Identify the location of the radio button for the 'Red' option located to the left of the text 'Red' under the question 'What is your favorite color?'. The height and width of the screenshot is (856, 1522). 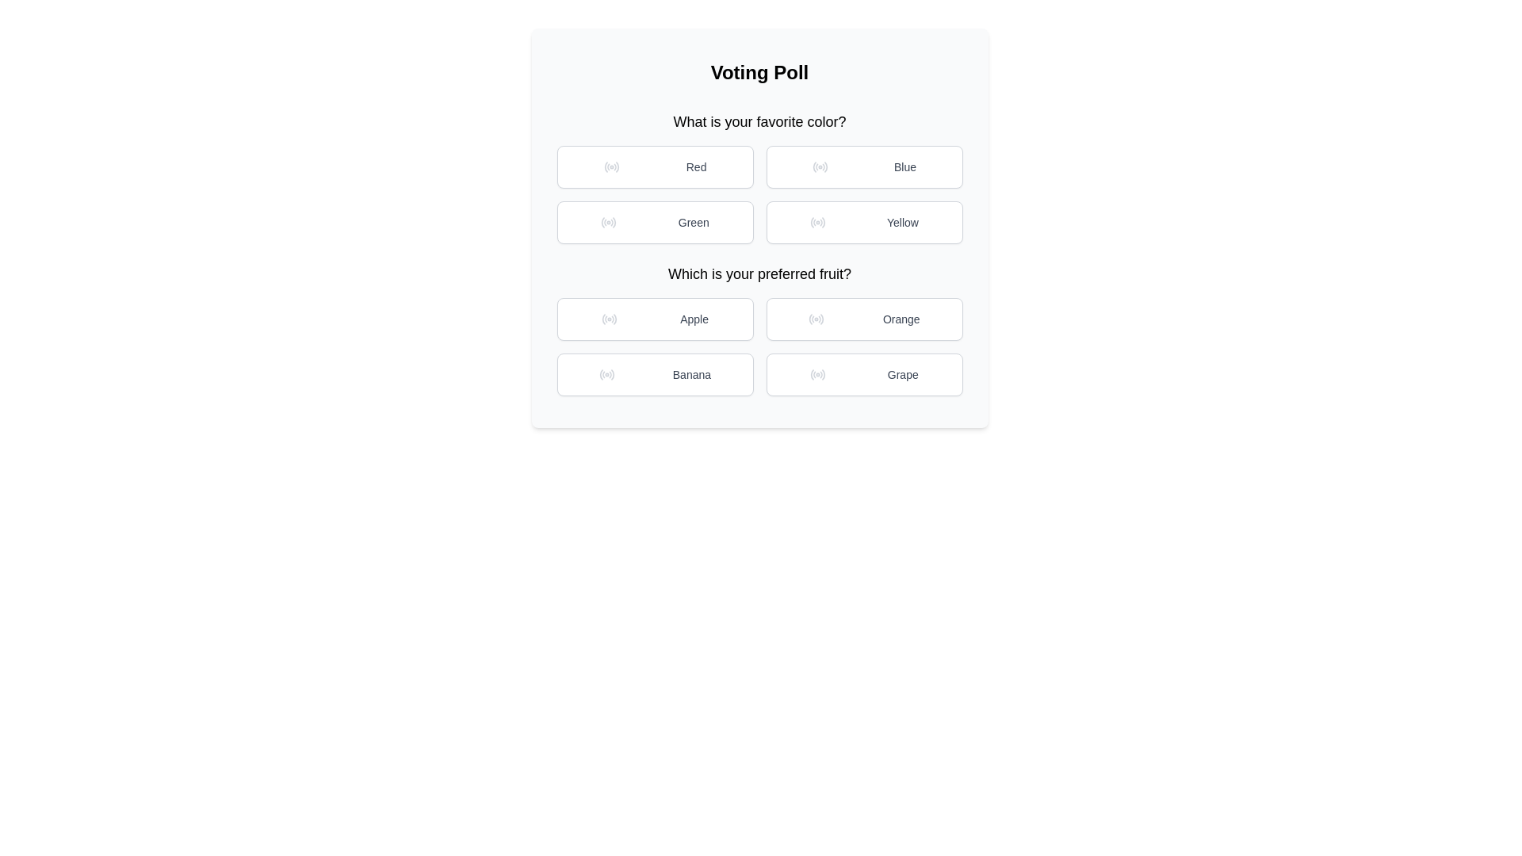
(610, 167).